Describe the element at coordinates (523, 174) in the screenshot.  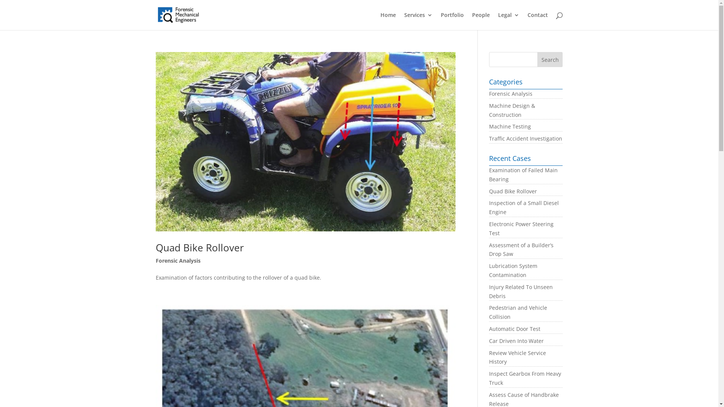
I see `'Examination of Failed Main Bearing'` at that location.